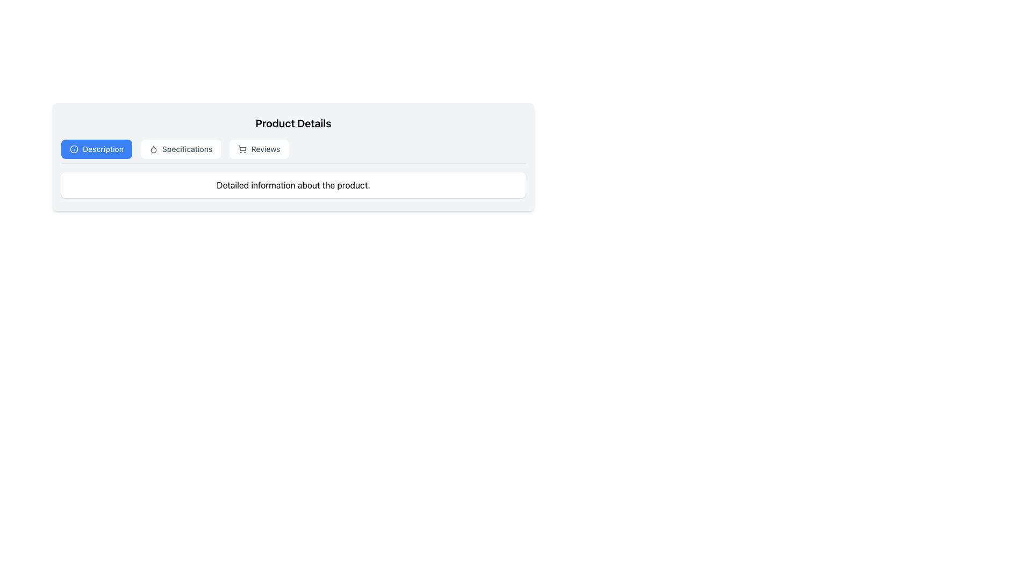 This screenshot has width=1032, height=580. I want to click on the leftmost tab label element, so click(96, 149).